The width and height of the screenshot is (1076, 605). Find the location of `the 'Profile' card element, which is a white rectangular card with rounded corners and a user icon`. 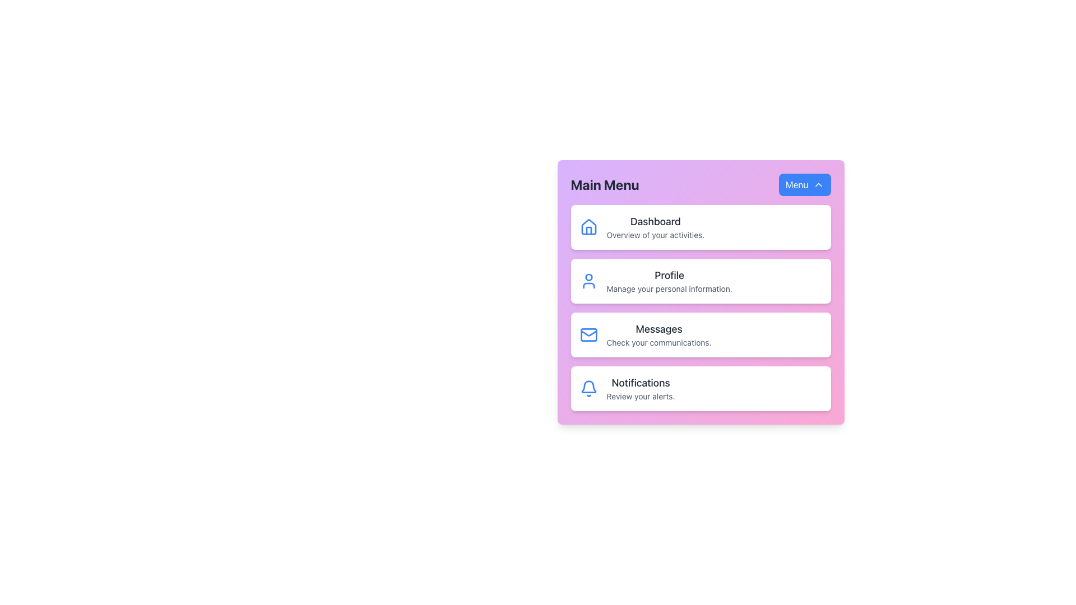

the 'Profile' card element, which is a white rectangular card with rounded corners and a user icon is located at coordinates (700, 308).